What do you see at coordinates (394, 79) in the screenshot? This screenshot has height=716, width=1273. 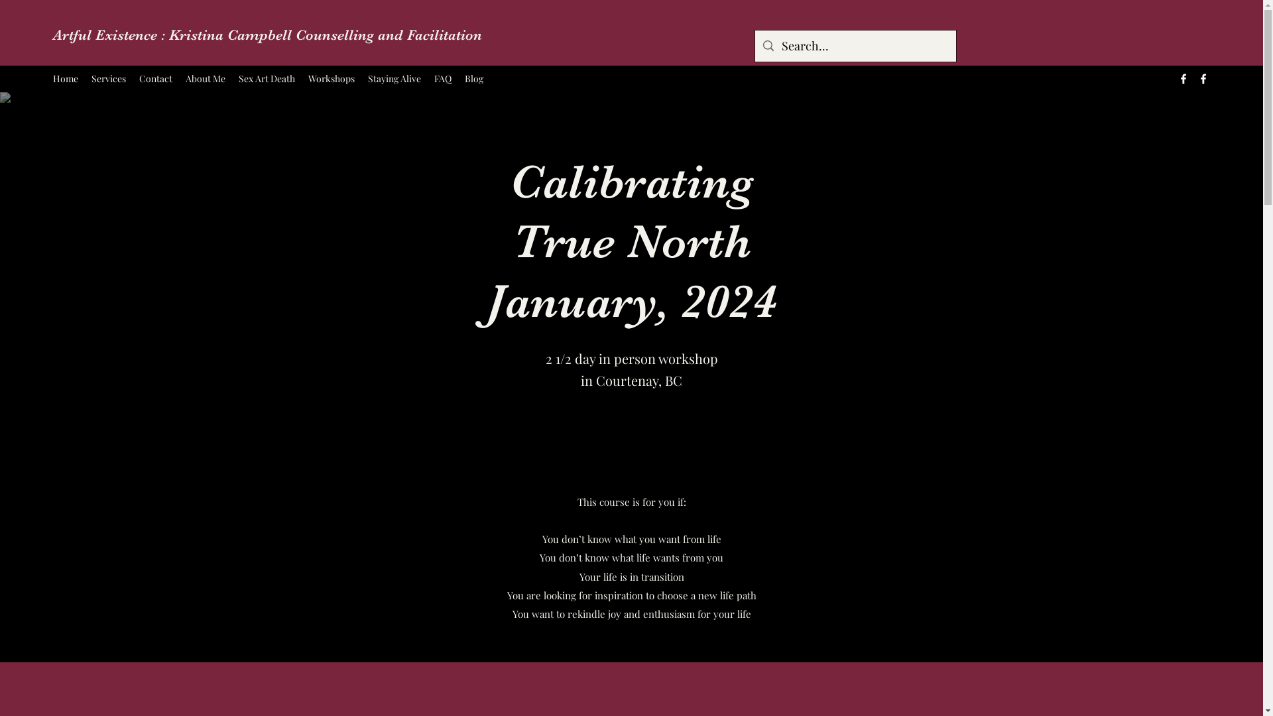 I see `'Staying Alive'` at bounding box center [394, 79].